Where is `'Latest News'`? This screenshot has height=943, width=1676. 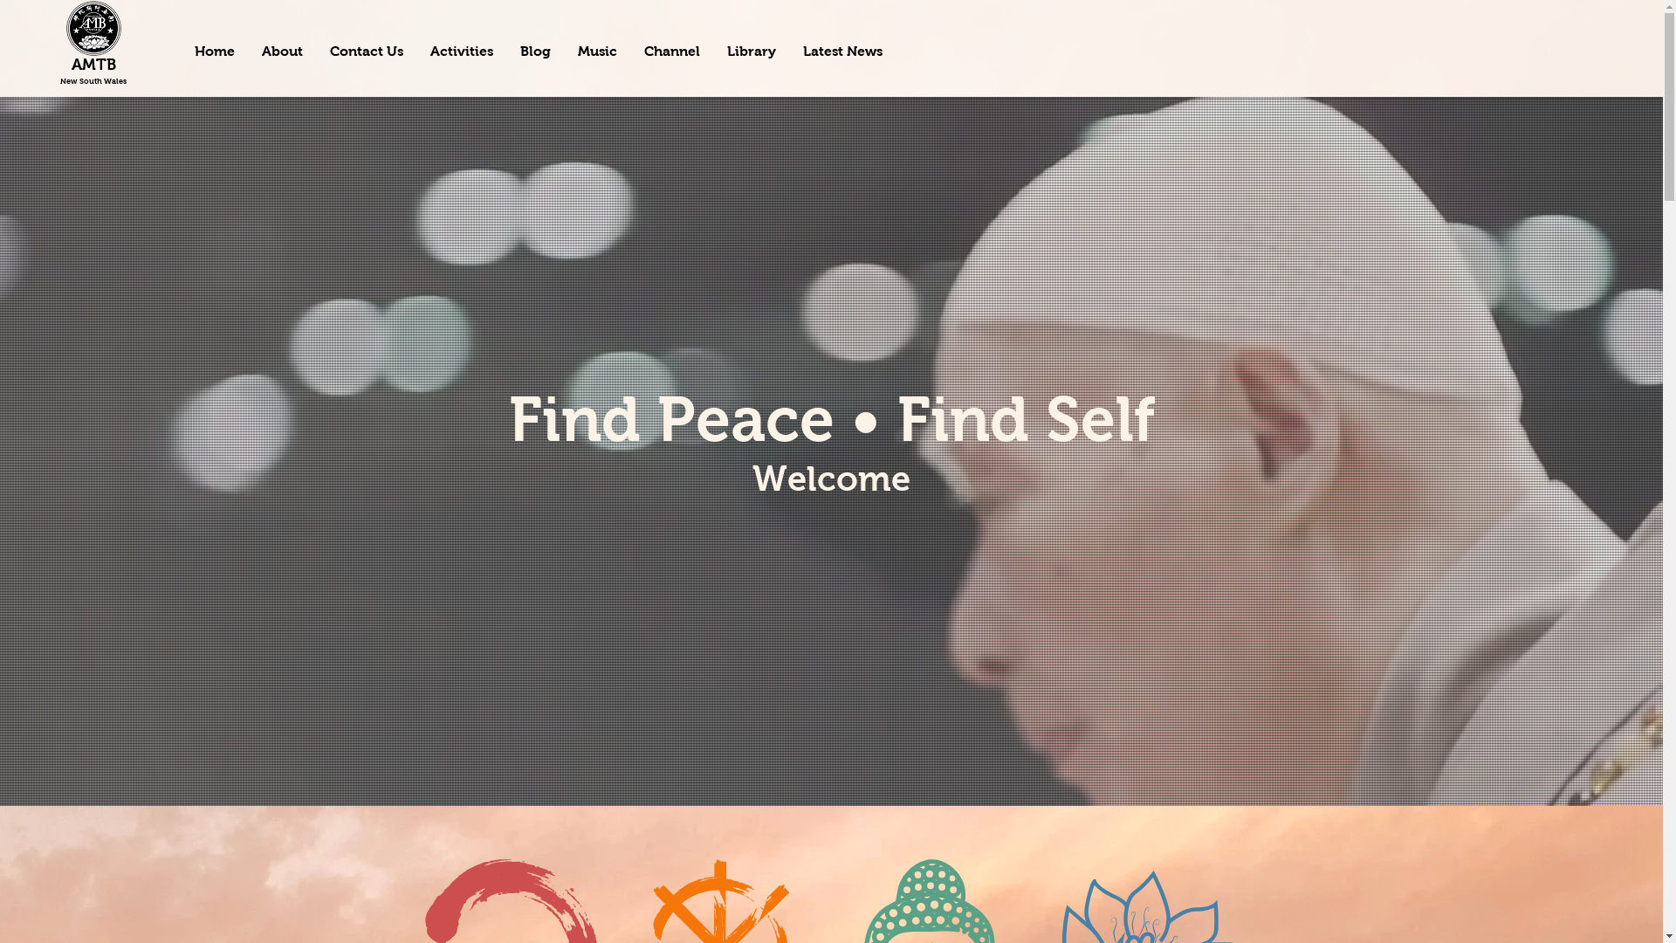 'Latest News' is located at coordinates (787, 50).